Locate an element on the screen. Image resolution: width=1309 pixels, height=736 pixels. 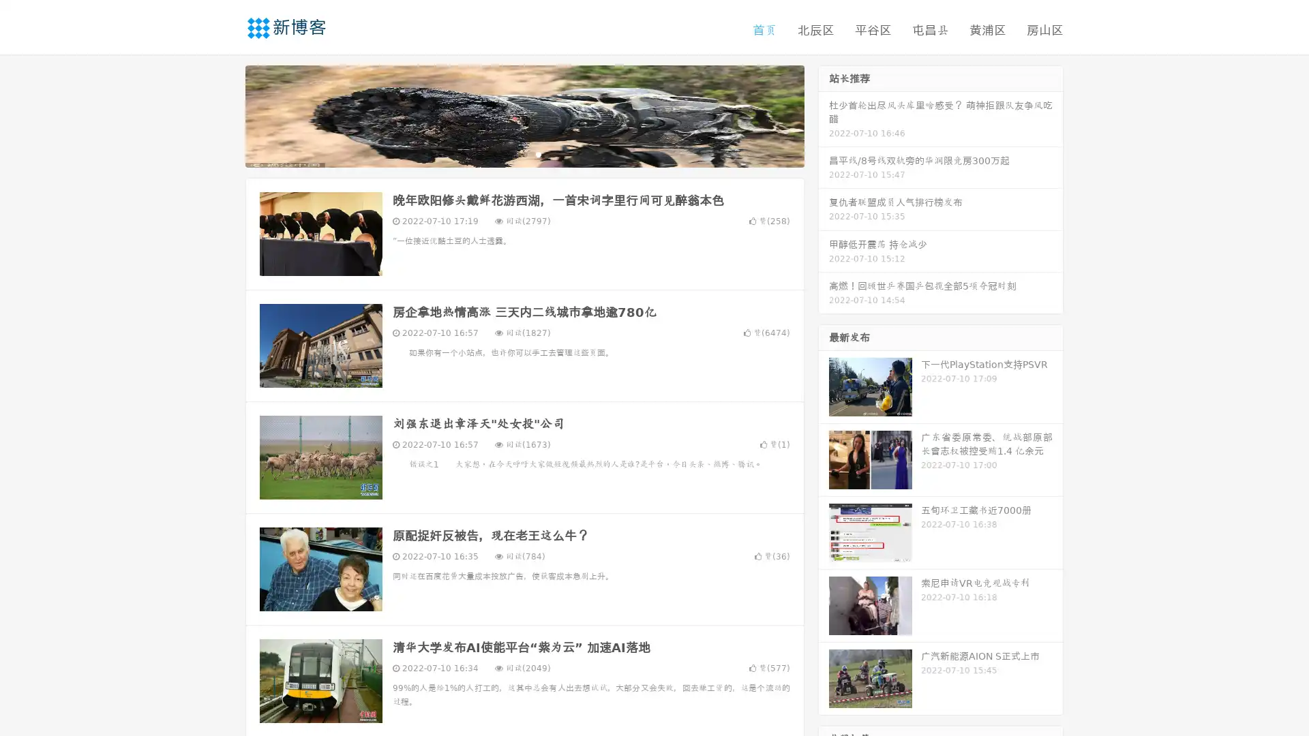
Go to slide 2 is located at coordinates (524, 153).